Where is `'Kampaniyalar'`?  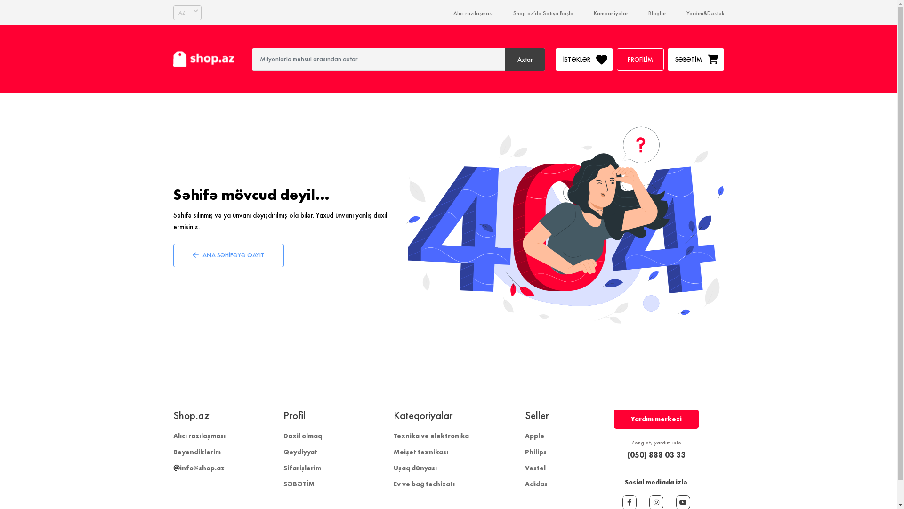 'Kampaniyalar' is located at coordinates (592, 13).